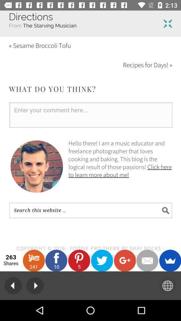  What do you see at coordinates (167, 23) in the screenshot?
I see `the fullscreen icon` at bounding box center [167, 23].